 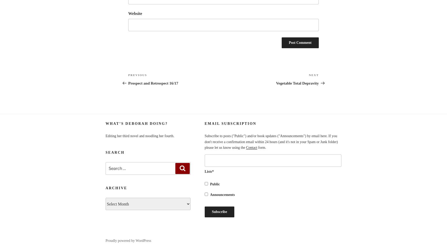 What do you see at coordinates (309, 75) in the screenshot?
I see `'Next'` at bounding box center [309, 75].